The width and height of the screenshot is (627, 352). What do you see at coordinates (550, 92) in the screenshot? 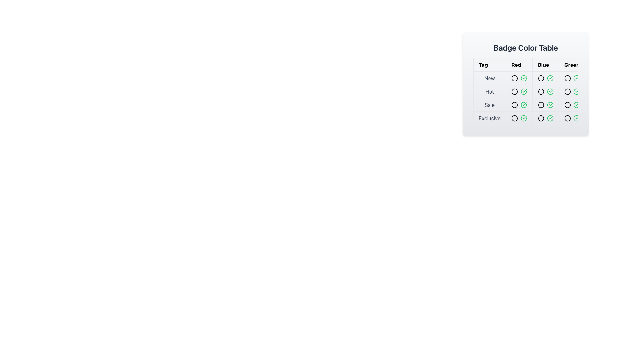
I see `the circular icon with a green checkmark located in the 'Hot' row under the 'Green' column of the 'Badge Color Table'` at bounding box center [550, 92].